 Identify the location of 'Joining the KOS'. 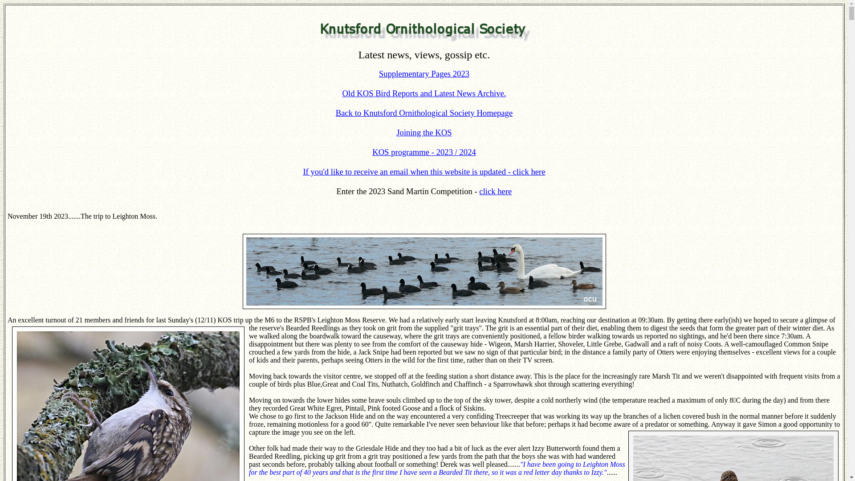
(423, 132).